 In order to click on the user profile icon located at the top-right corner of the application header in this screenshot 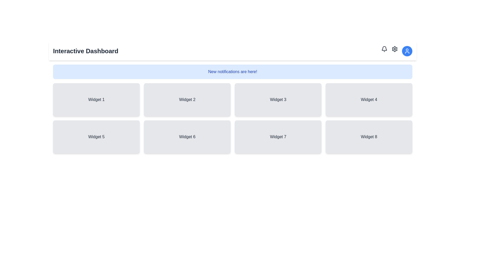, I will do `click(407, 51)`.